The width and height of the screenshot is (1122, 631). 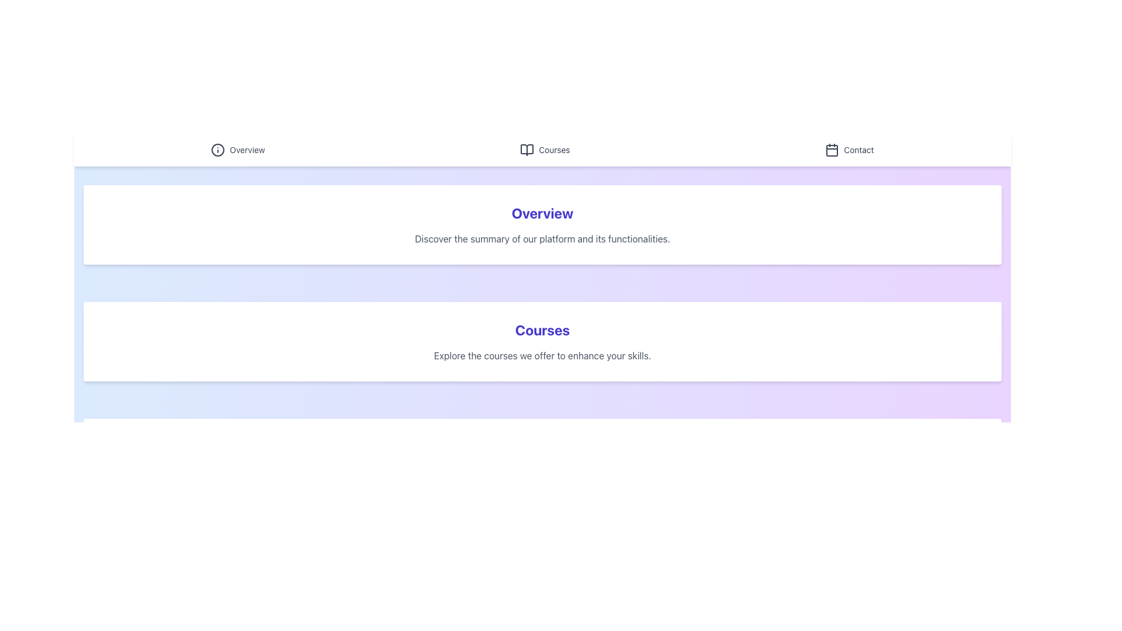 What do you see at coordinates (544, 150) in the screenshot?
I see `the 'Courses' navigational link, which is the second item from the left in the sticky top navigation bar, to observe the visual hover effect` at bounding box center [544, 150].